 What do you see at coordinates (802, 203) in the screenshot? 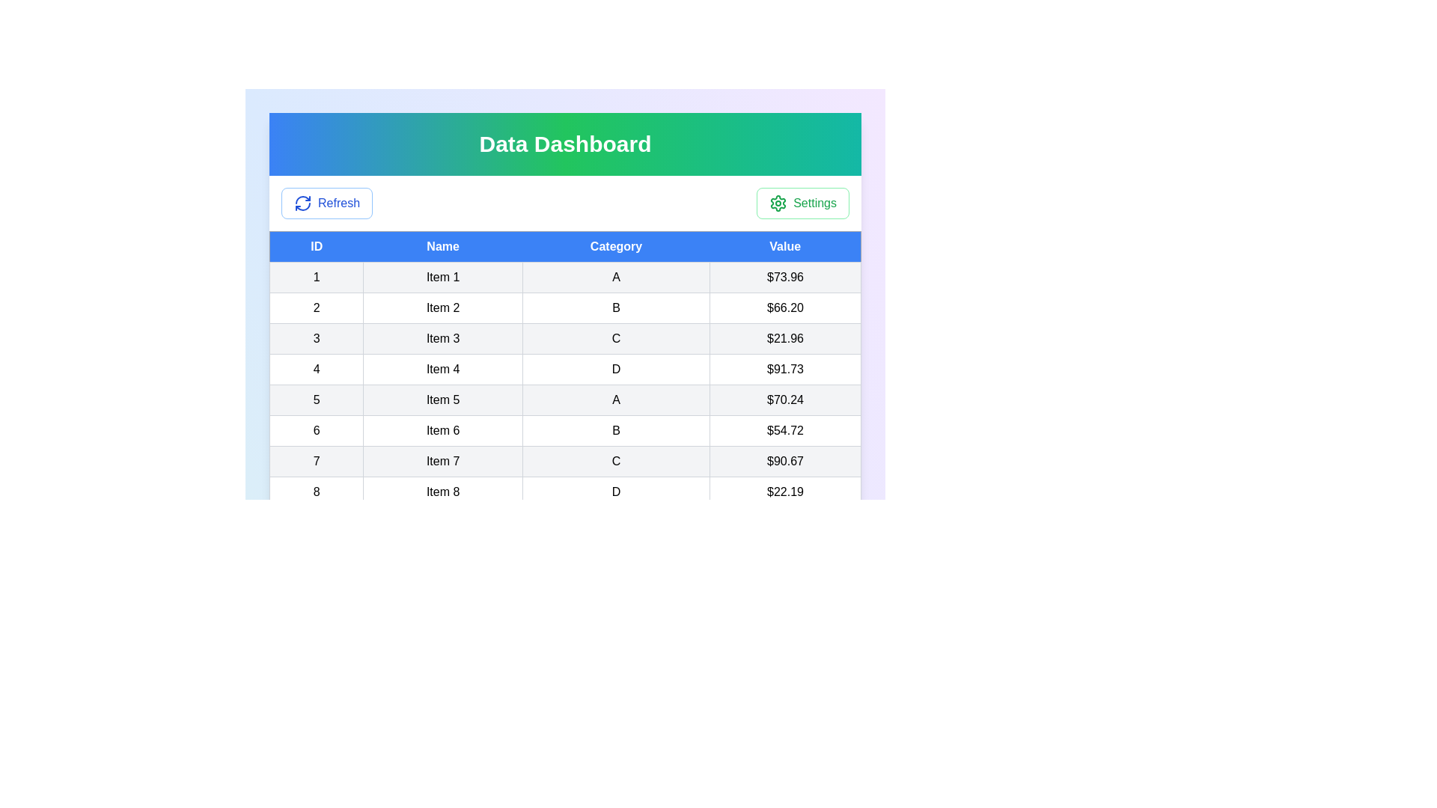
I see `the 'Settings' button to open the settings menu` at bounding box center [802, 203].